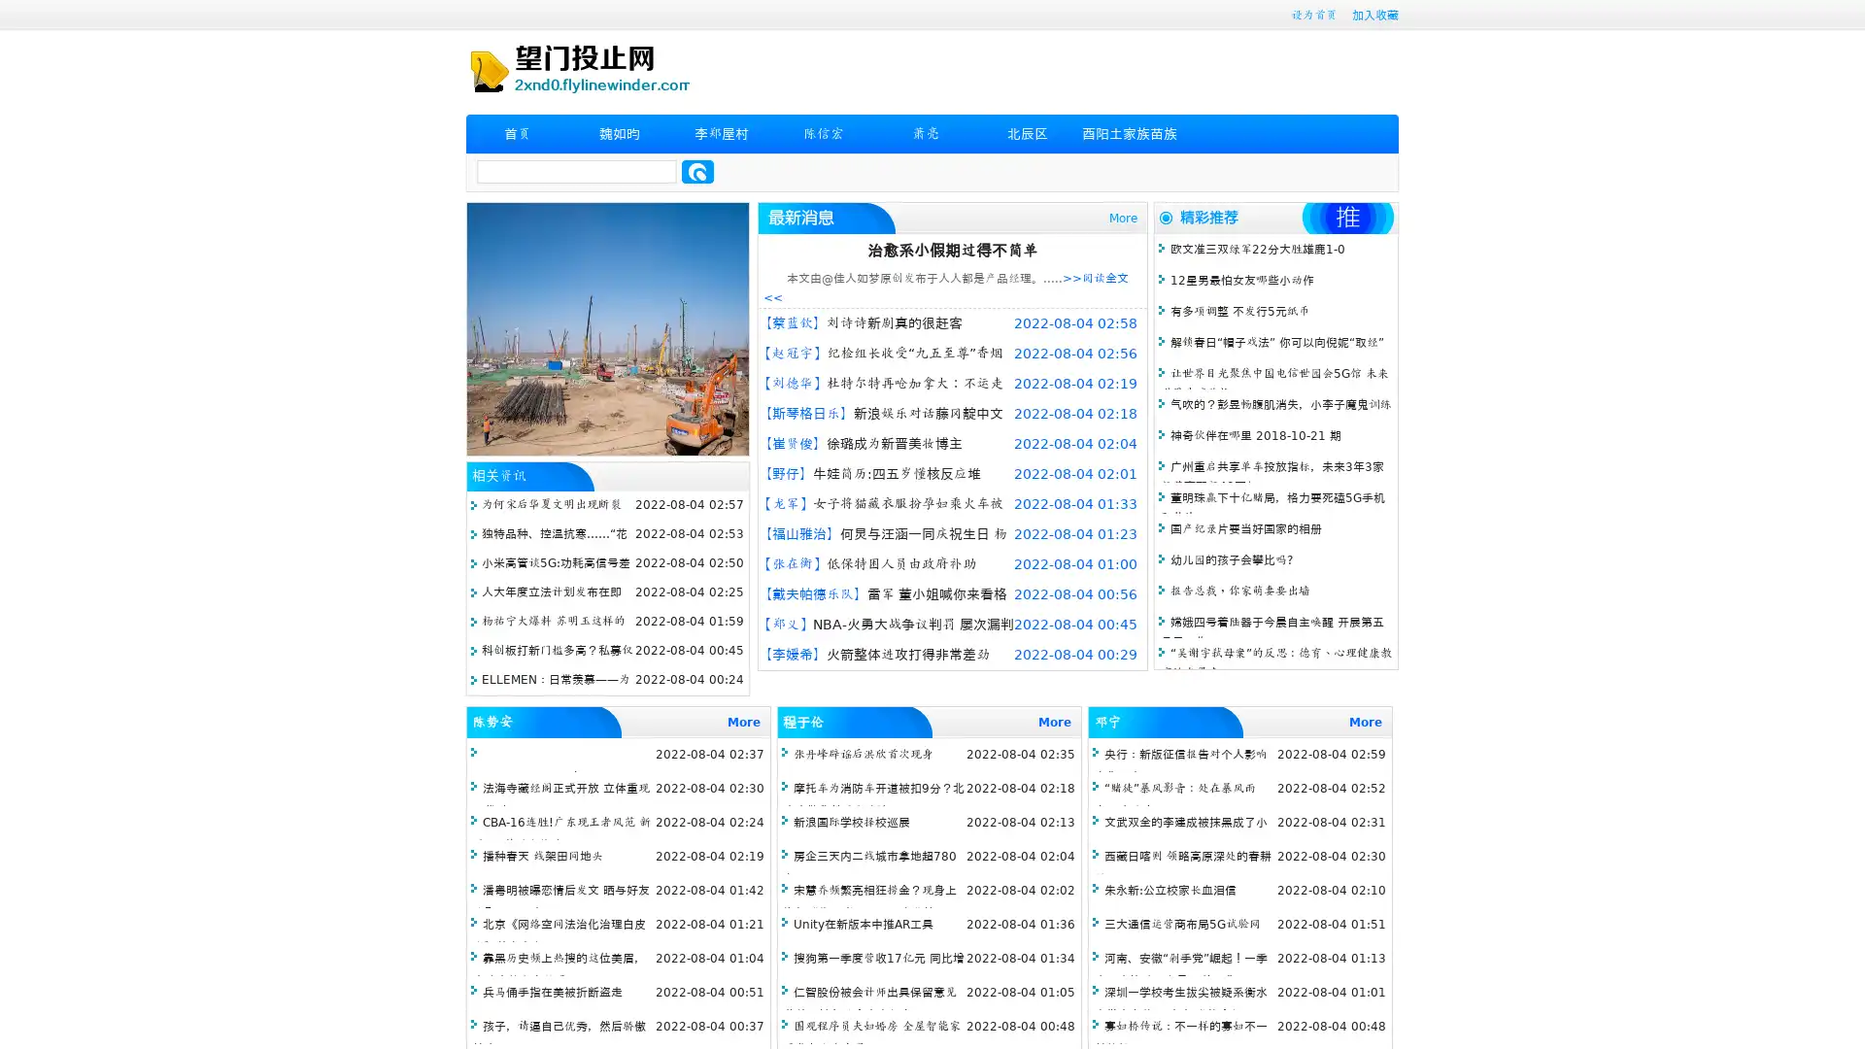 The image size is (1865, 1049). What do you see at coordinates (697, 171) in the screenshot?
I see `Search` at bounding box center [697, 171].